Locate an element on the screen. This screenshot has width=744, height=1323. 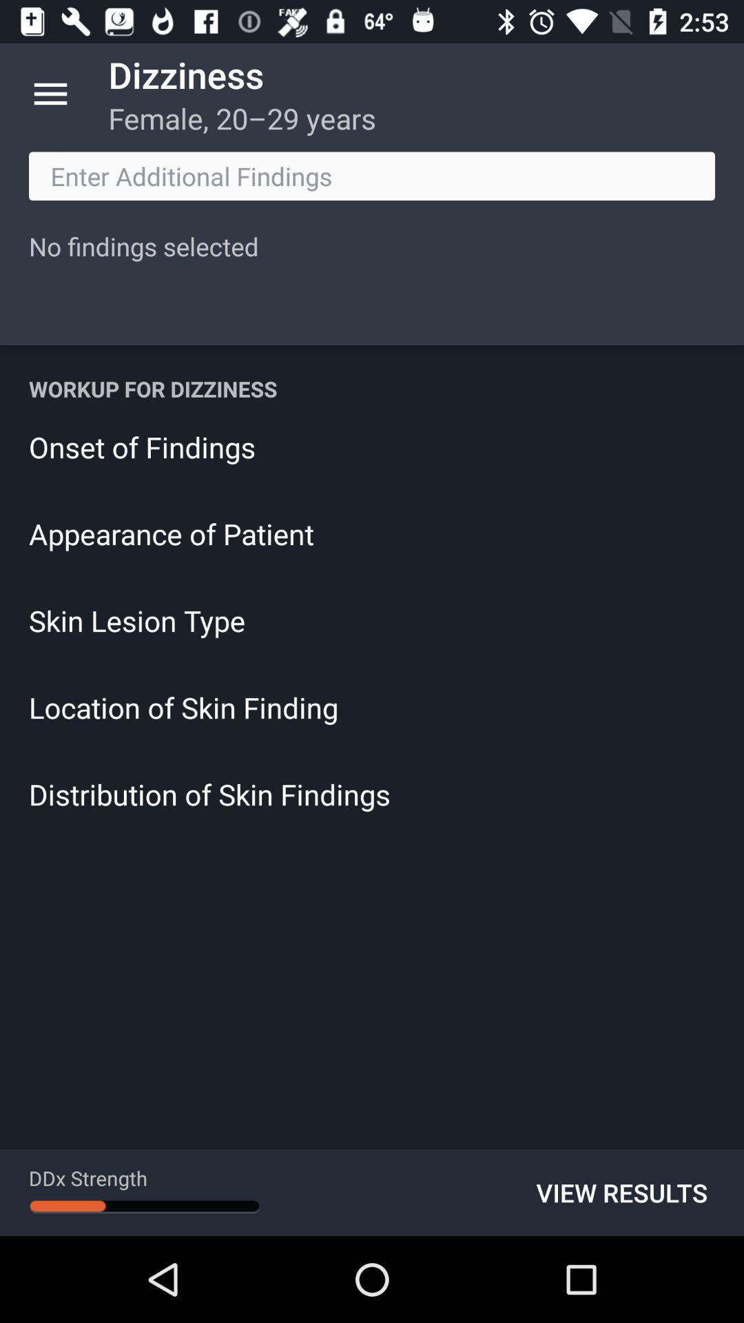
workup for dizziness icon is located at coordinates (372, 388).